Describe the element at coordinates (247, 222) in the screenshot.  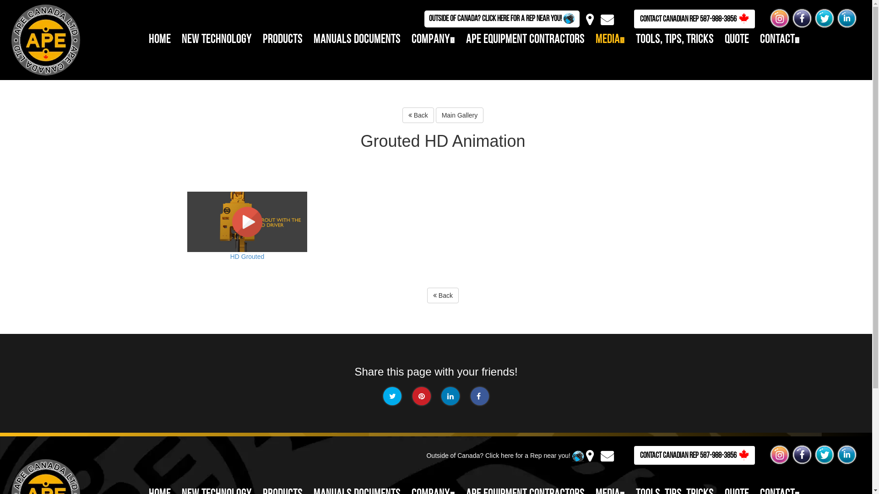
I see `'HD Grouted'` at that location.